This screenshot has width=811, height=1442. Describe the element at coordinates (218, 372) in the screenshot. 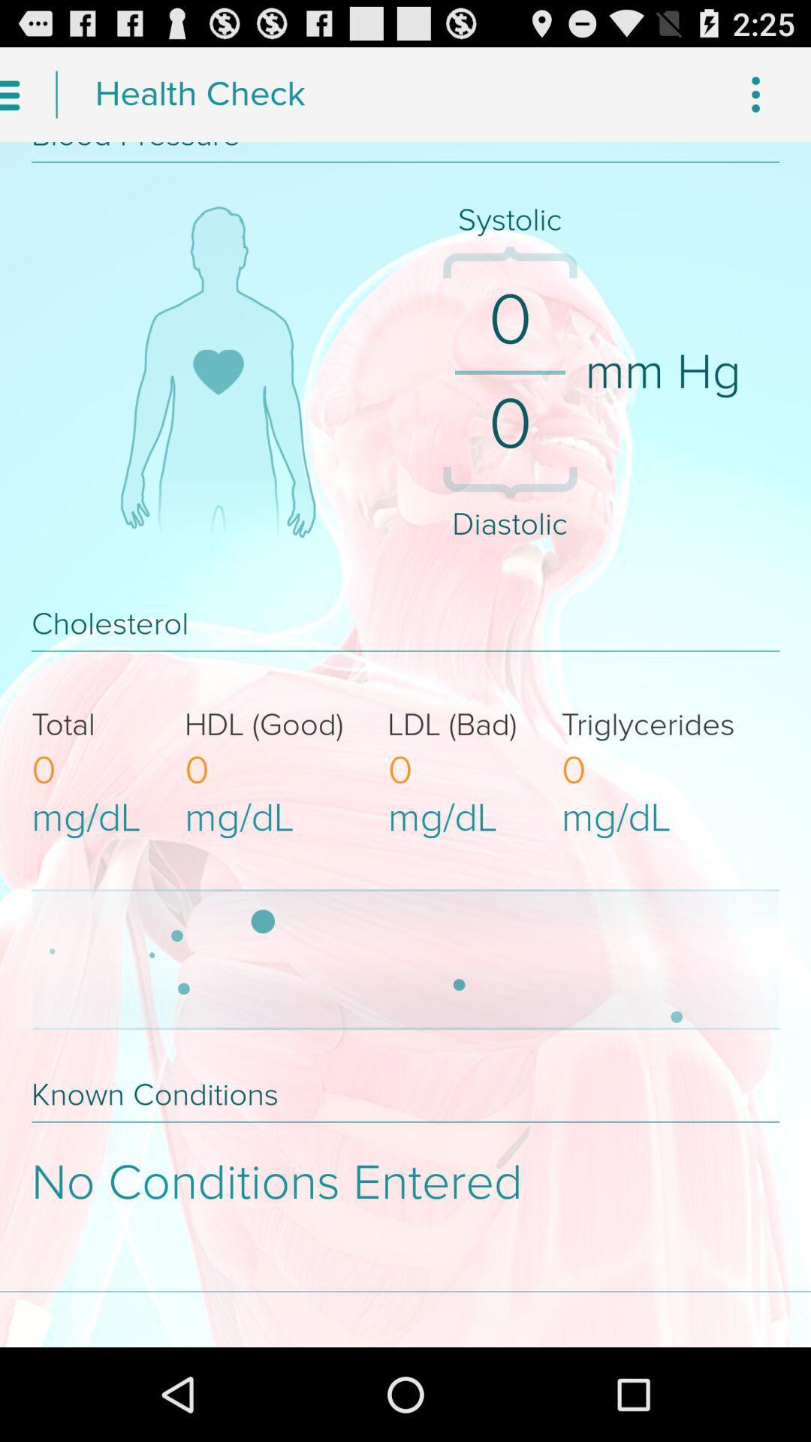

I see `the like symbol present on human body` at that location.